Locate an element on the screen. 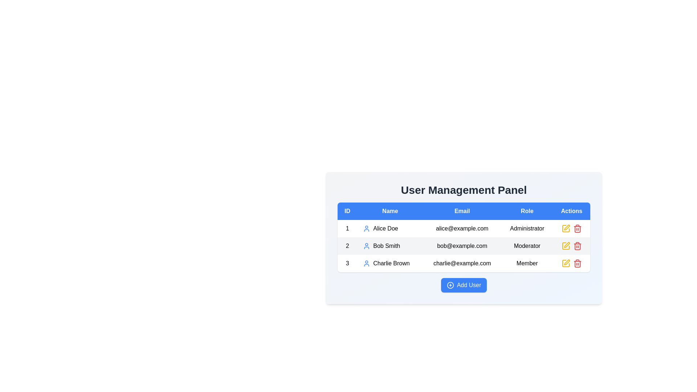  the yellow pencil icon in the Actions column of the third row for the entry of 'Charlie Brown' is located at coordinates (565, 263).